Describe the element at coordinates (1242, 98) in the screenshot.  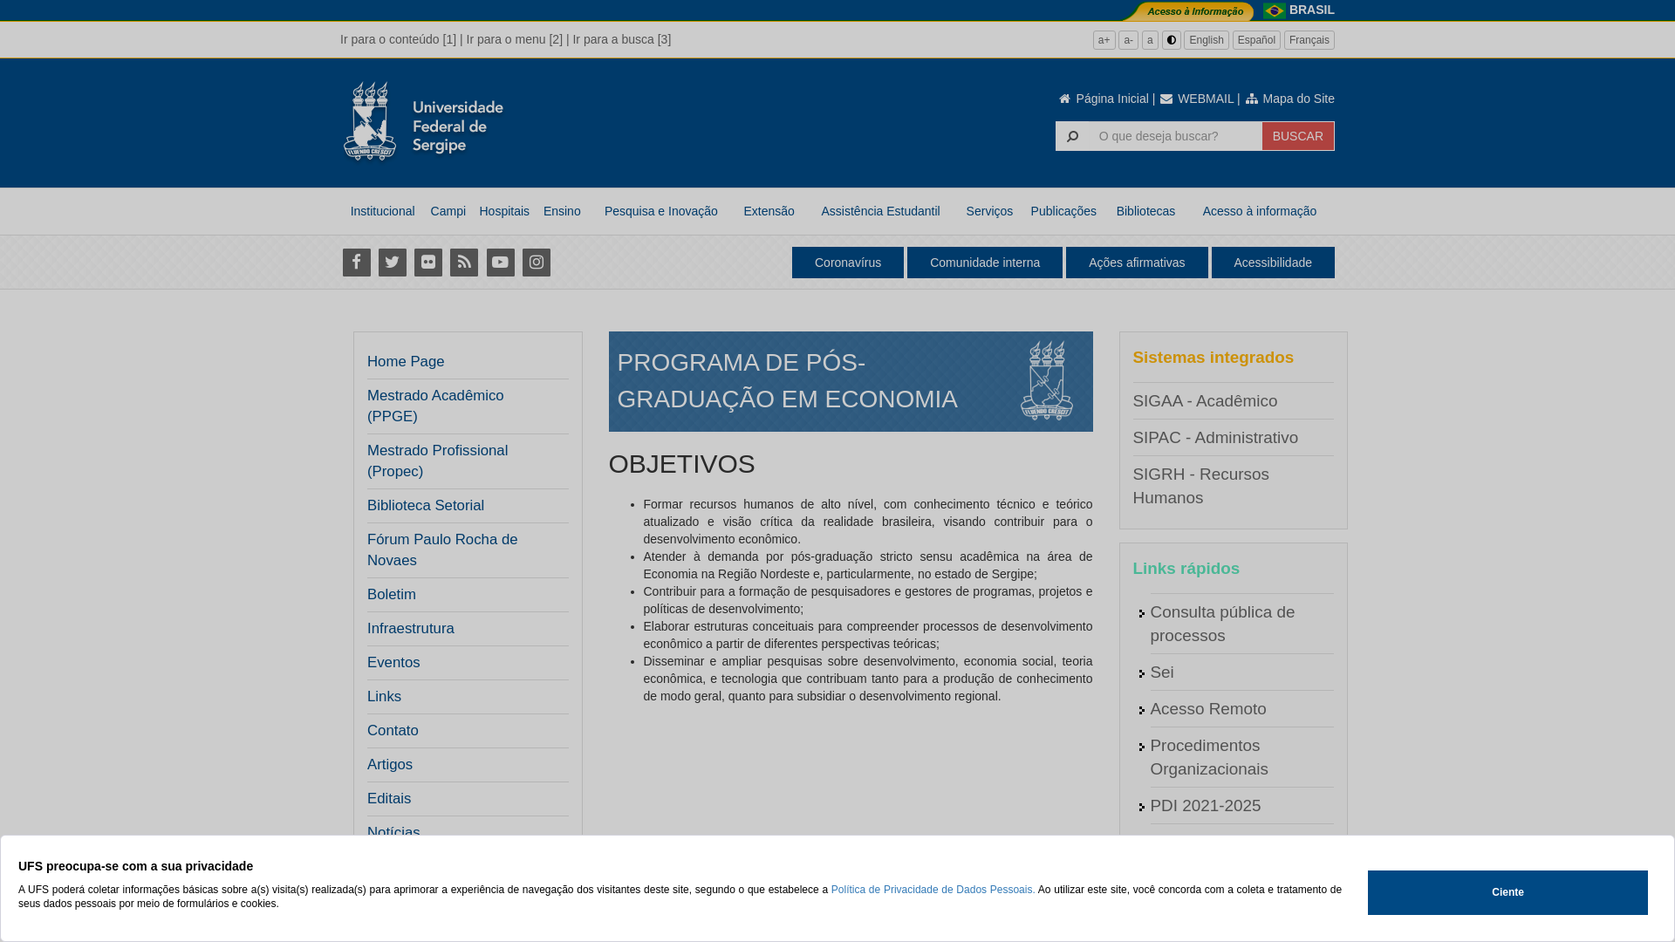
I see `'Mapa do Site'` at that location.